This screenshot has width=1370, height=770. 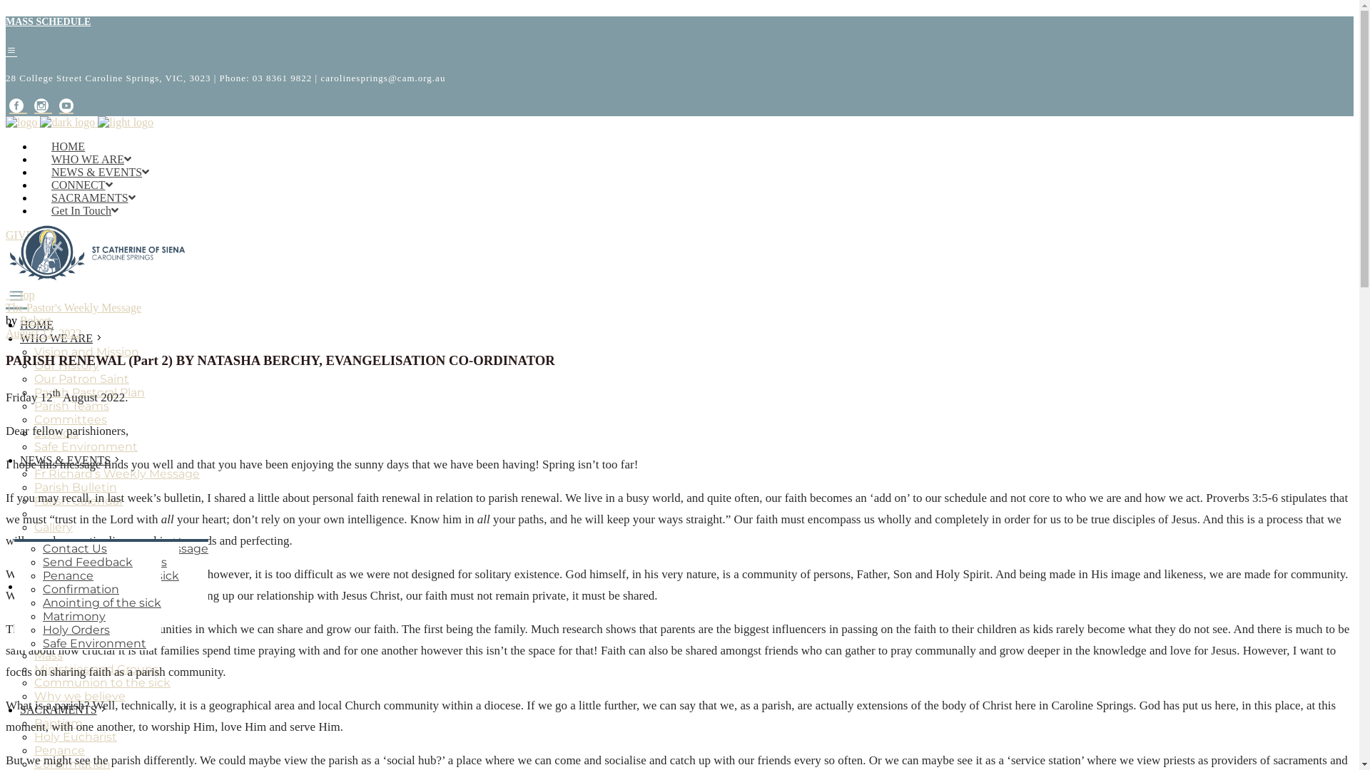 What do you see at coordinates (34, 351) in the screenshot?
I see `'Vision and Mission'` at bounding box center [34, 351].